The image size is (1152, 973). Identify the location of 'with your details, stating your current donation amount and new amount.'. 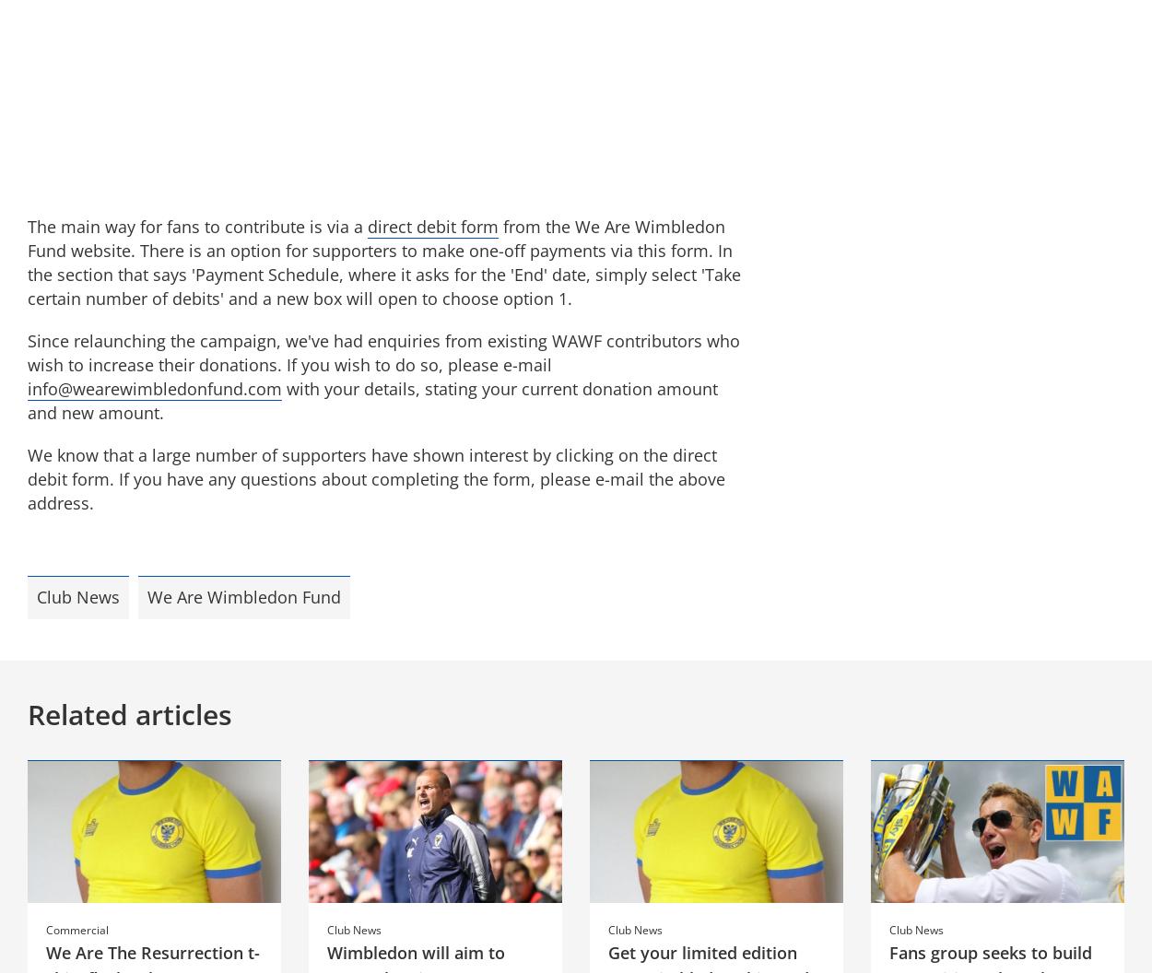
(28, 400).